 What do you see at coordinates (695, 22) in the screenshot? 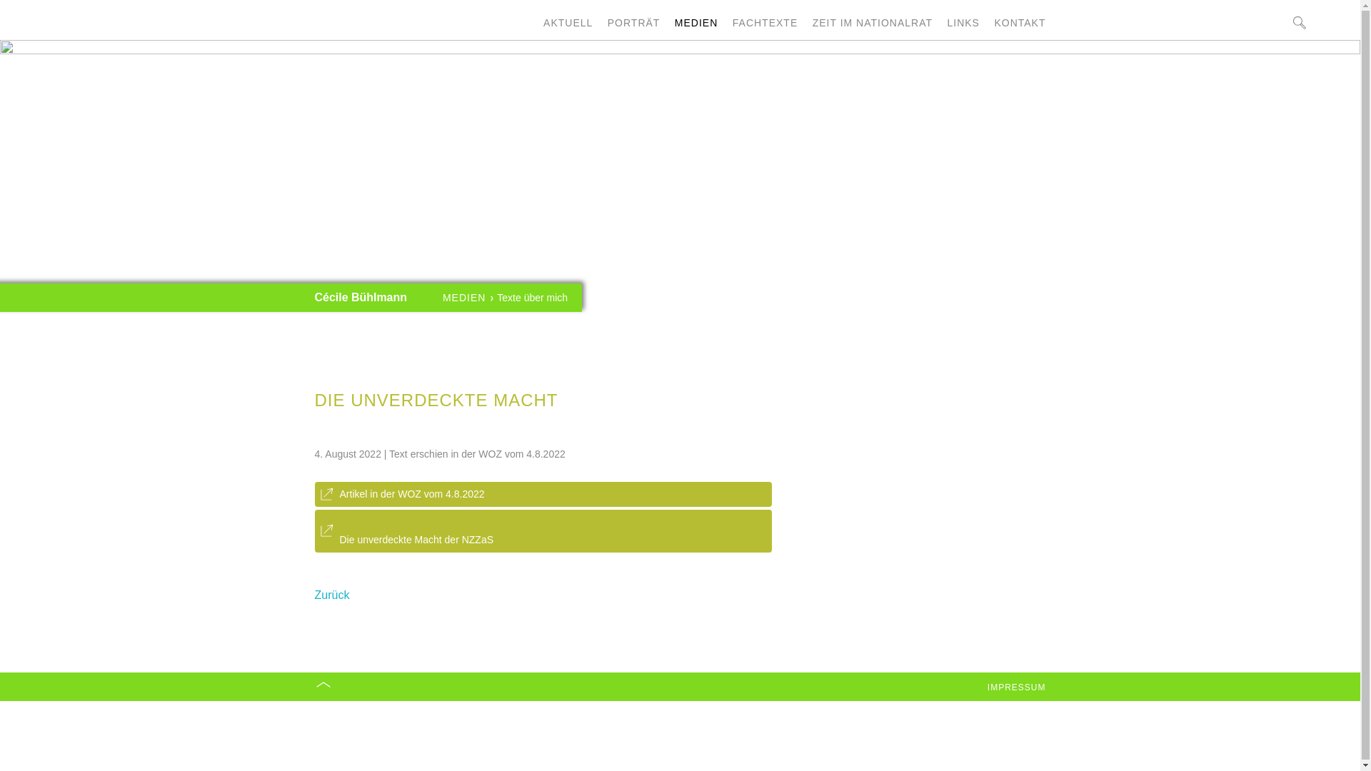
I see `'MEDIEN'` at bounding box center [695, 22].